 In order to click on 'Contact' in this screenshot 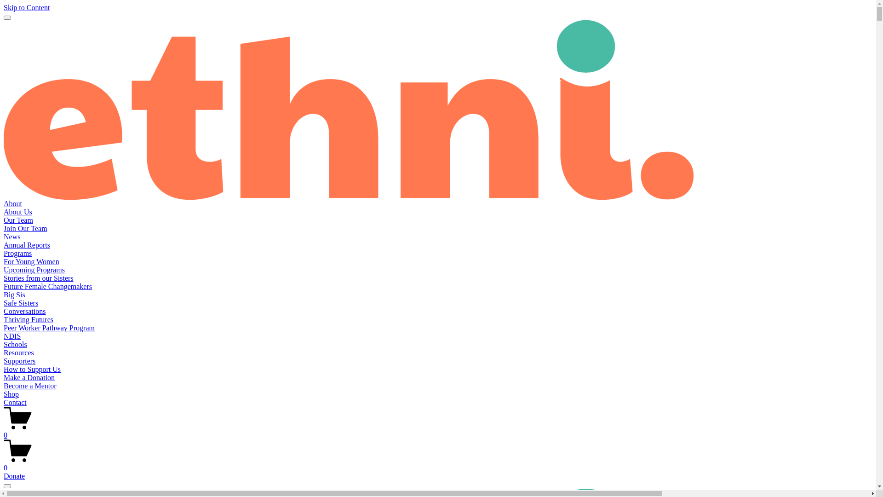, I will do `click(4, 402)`.